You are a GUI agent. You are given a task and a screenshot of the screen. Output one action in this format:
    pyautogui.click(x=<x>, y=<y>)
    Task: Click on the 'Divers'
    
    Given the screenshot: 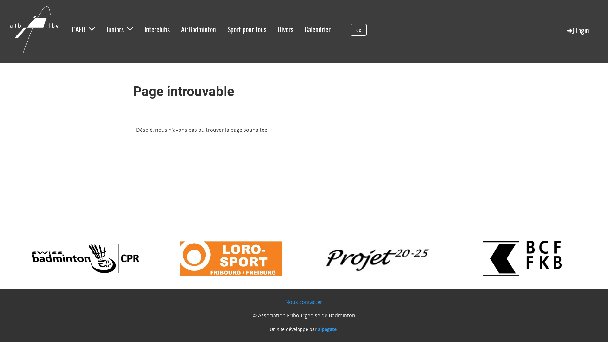 What is the action you would take?
    pyautogui.click(x=285, y=29)
    